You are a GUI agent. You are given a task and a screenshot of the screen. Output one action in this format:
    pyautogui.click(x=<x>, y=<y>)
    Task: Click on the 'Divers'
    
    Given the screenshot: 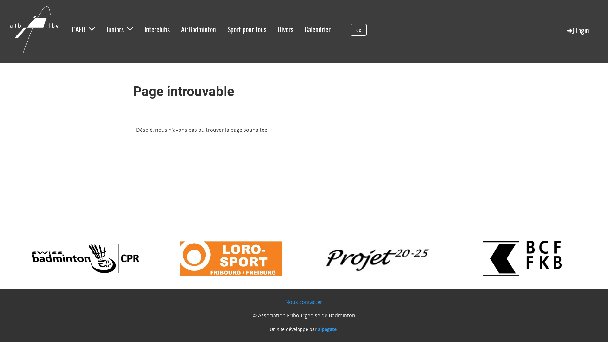 What is the action you would take?
    pyautogui.click(x=285, y=29)
    